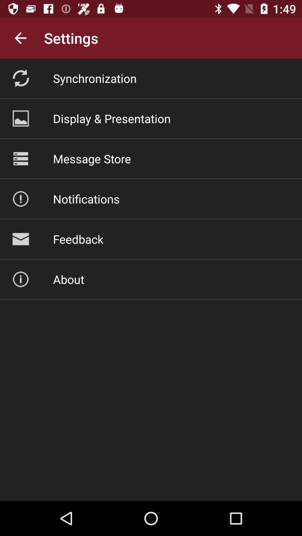 The height and width of the screenshot is (536, 302). What do you see at coordinates (95, 78) in the screenshot?
I see `item below settings item` at bounding box center [95, 78].